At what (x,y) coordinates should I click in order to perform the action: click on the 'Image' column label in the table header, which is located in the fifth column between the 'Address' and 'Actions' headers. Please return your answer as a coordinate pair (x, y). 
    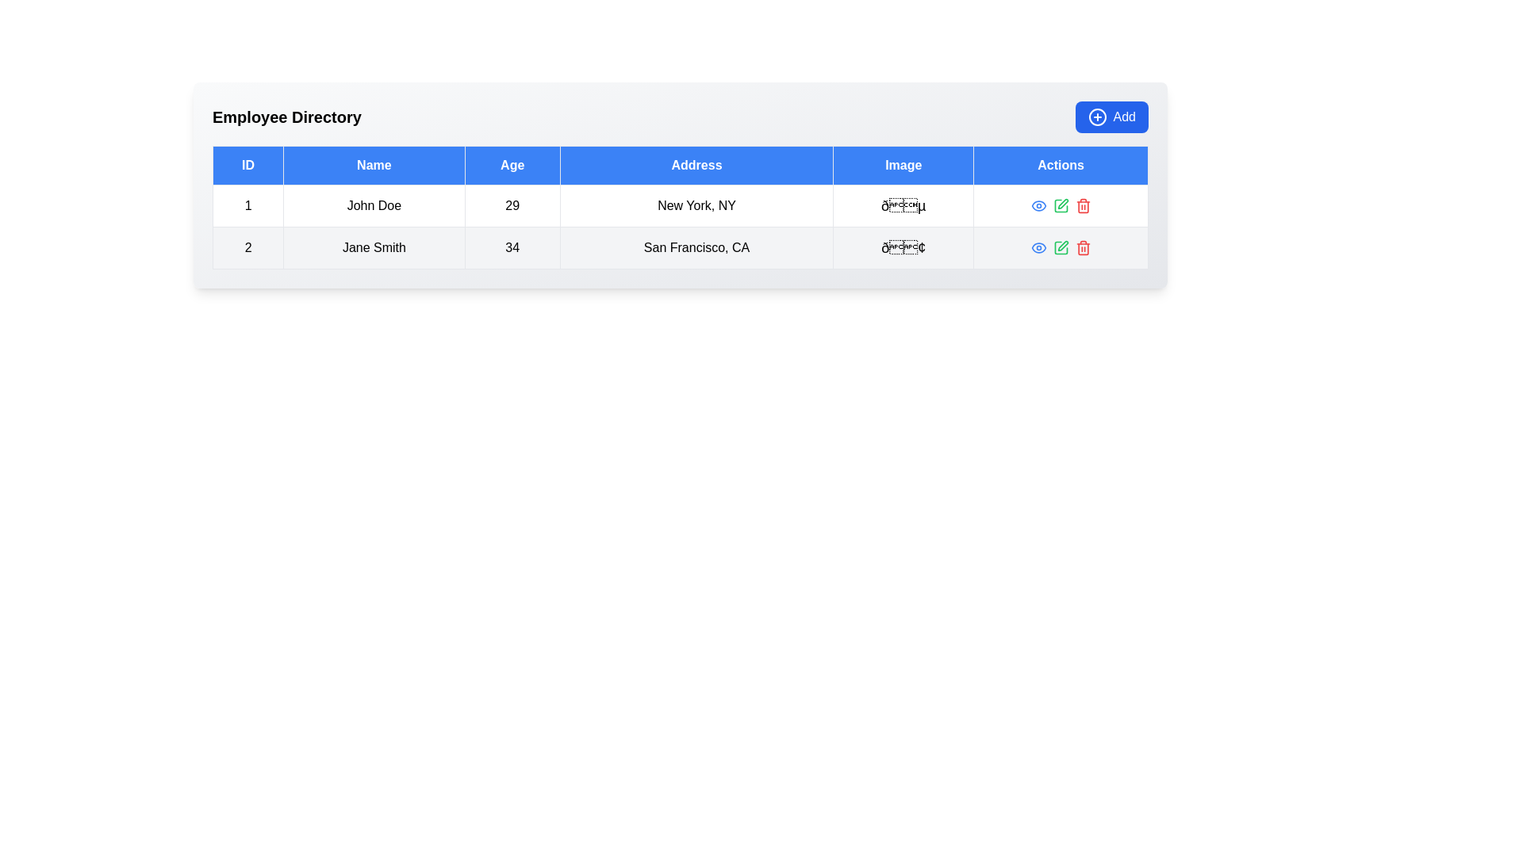
    Looking at the image, I should click on (903, 165).